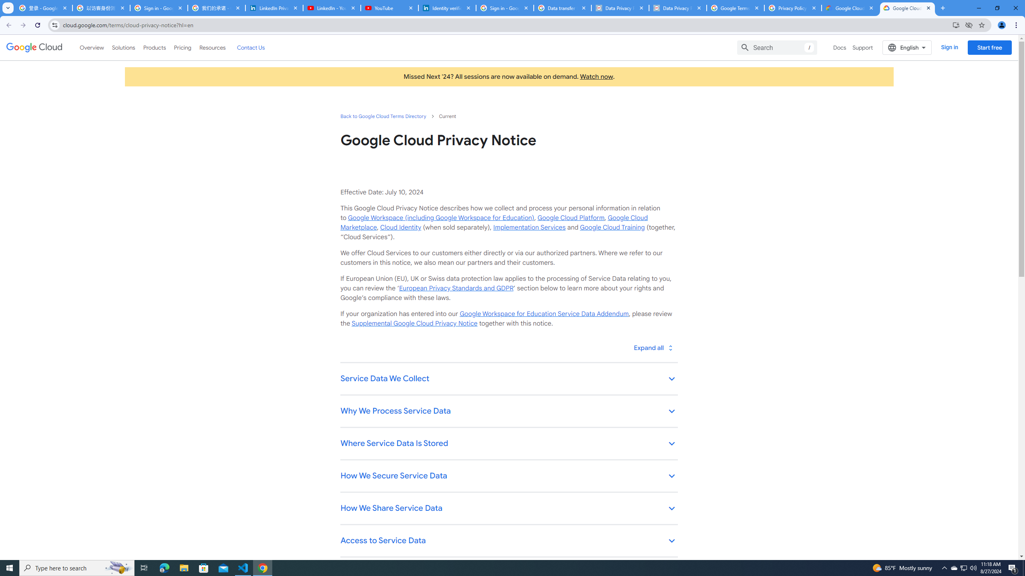  I want to click on 'Supplemental Google Cloud Privacy Notice', so click(414, 323).